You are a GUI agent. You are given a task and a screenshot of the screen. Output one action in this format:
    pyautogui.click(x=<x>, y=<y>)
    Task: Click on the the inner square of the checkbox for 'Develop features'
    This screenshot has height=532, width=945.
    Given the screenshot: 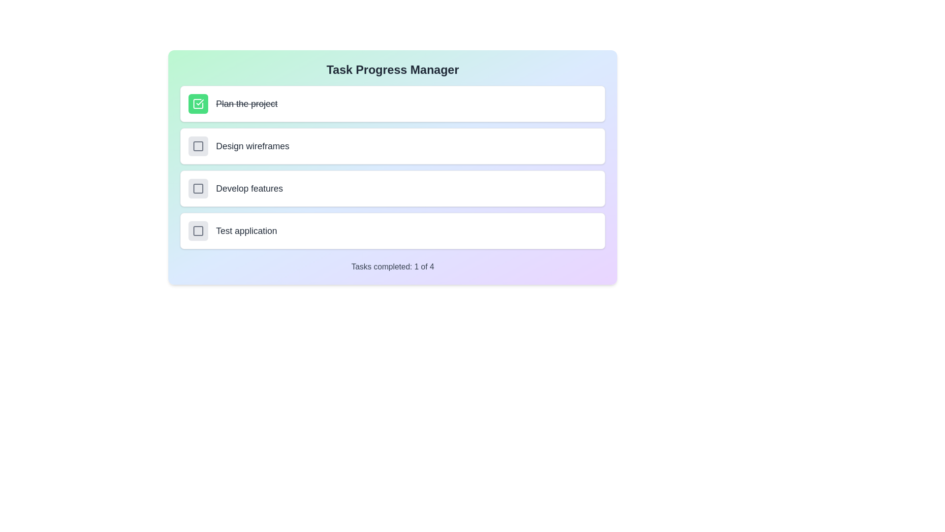 What is the action you would take?
    pyautogui.click(x=198, y=188)
    